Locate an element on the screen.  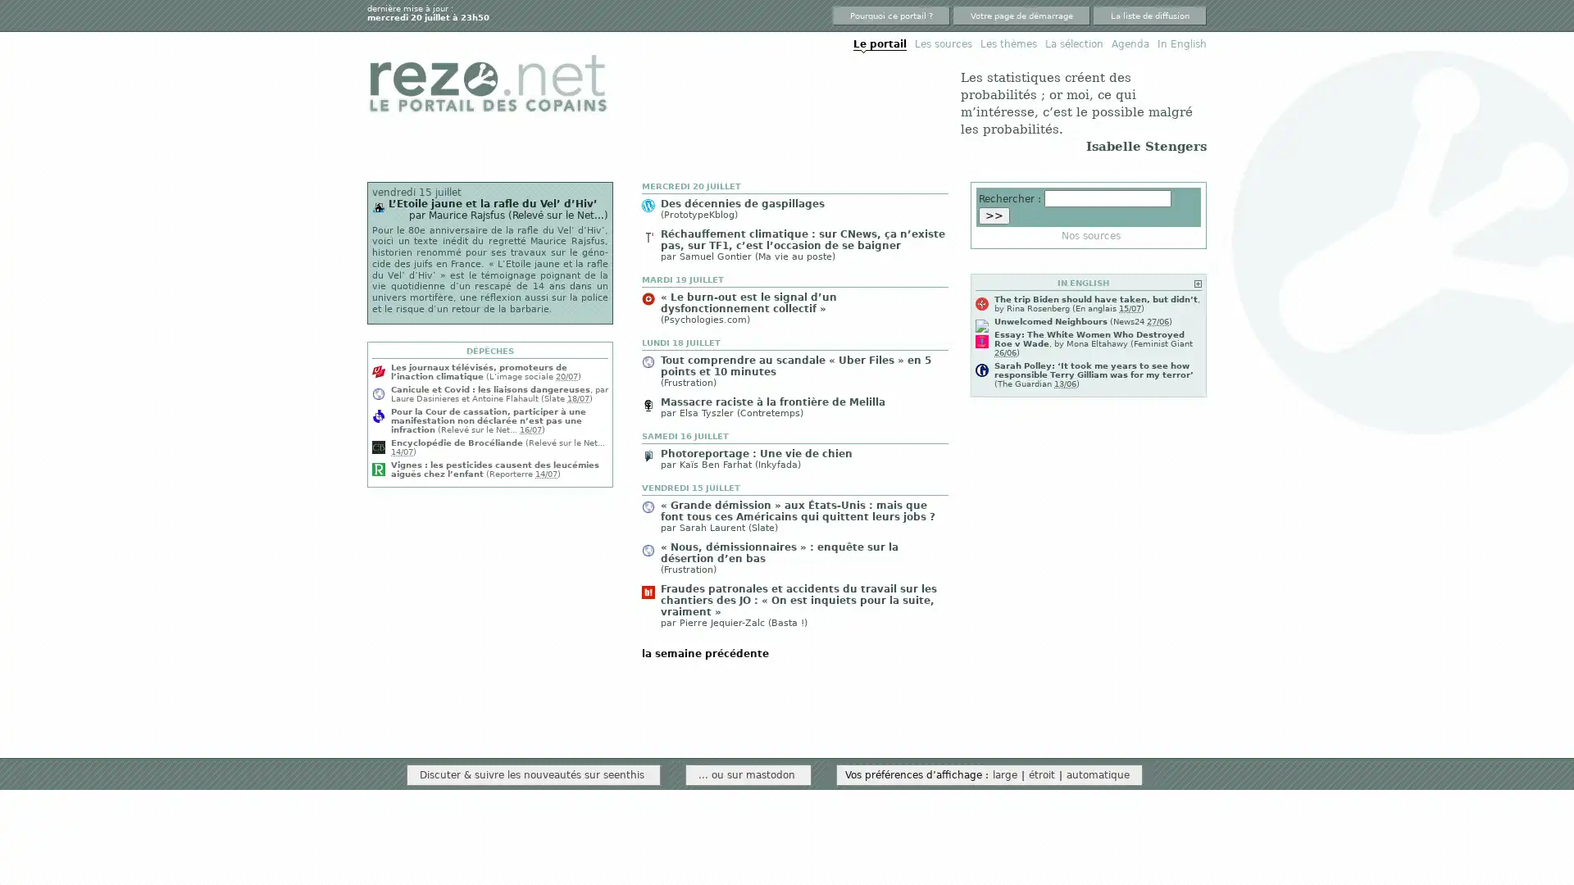
>> is located at coordinates (994, 214).